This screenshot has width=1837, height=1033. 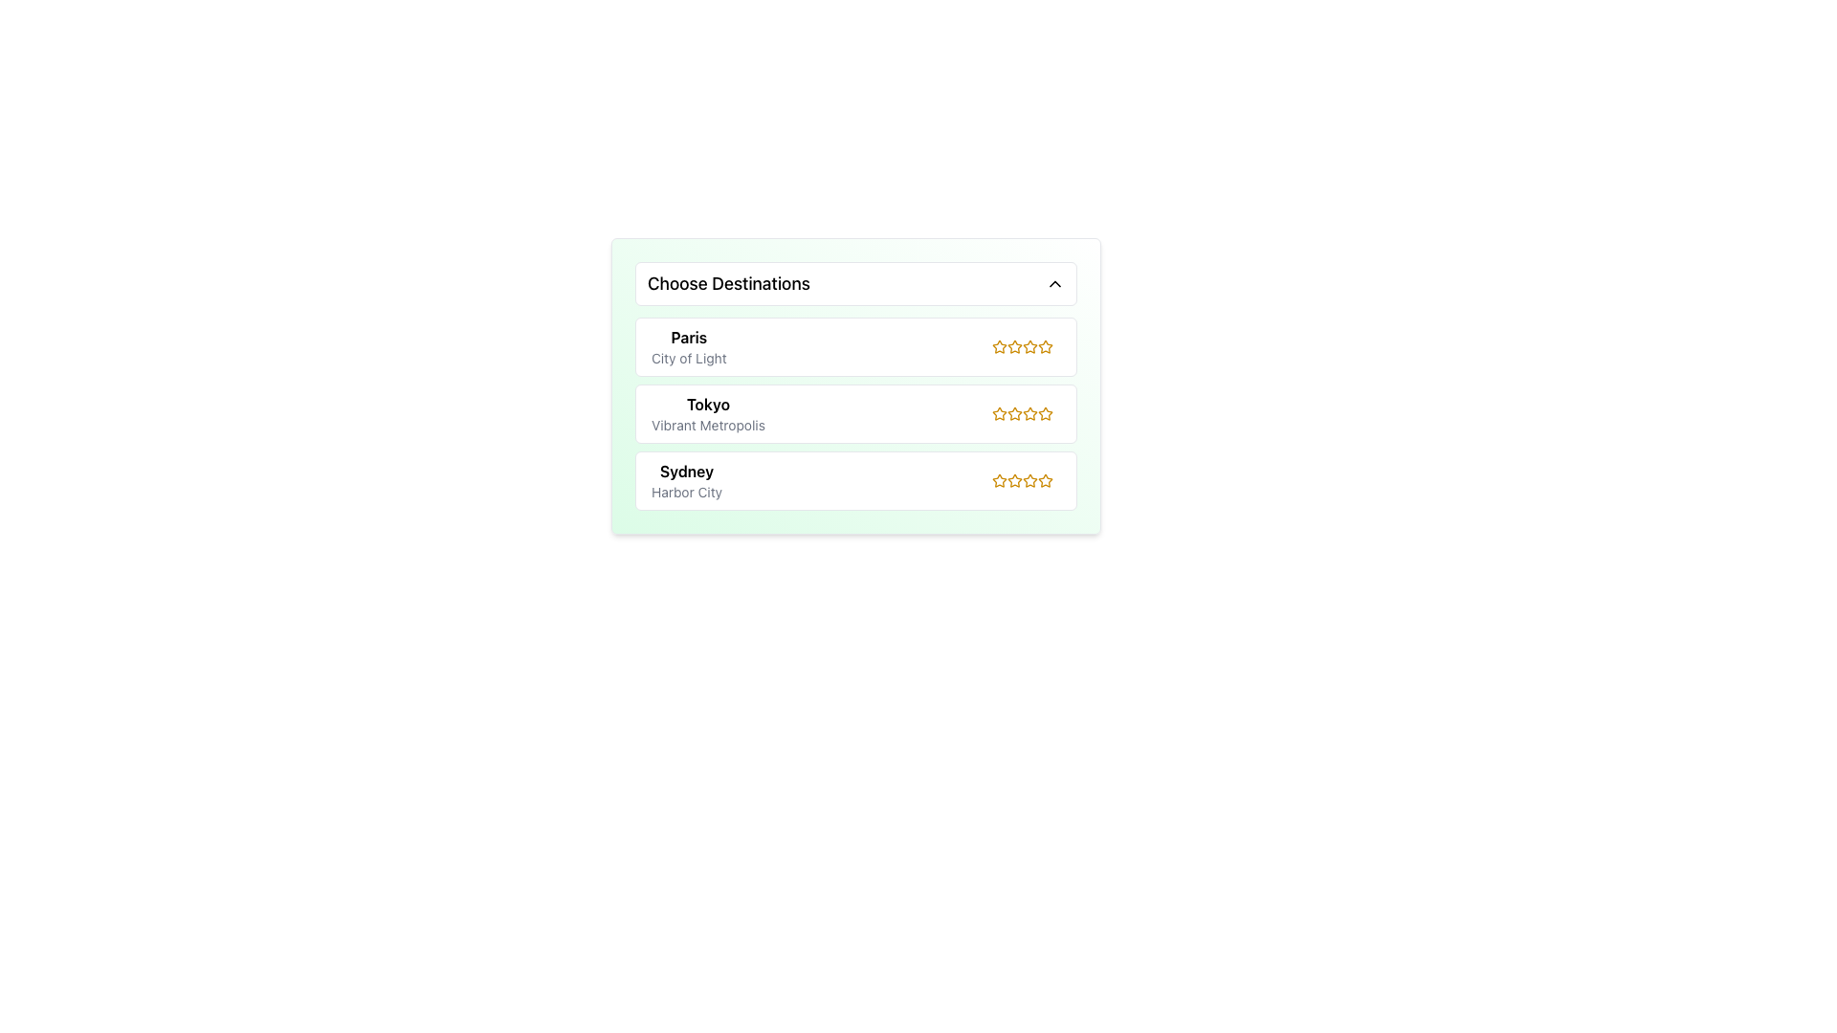 I want to click on the first star-shaped icon with a yellow outline to rate it in the rating system next to the 'Tokyo' label, so click(x=999, y=412).